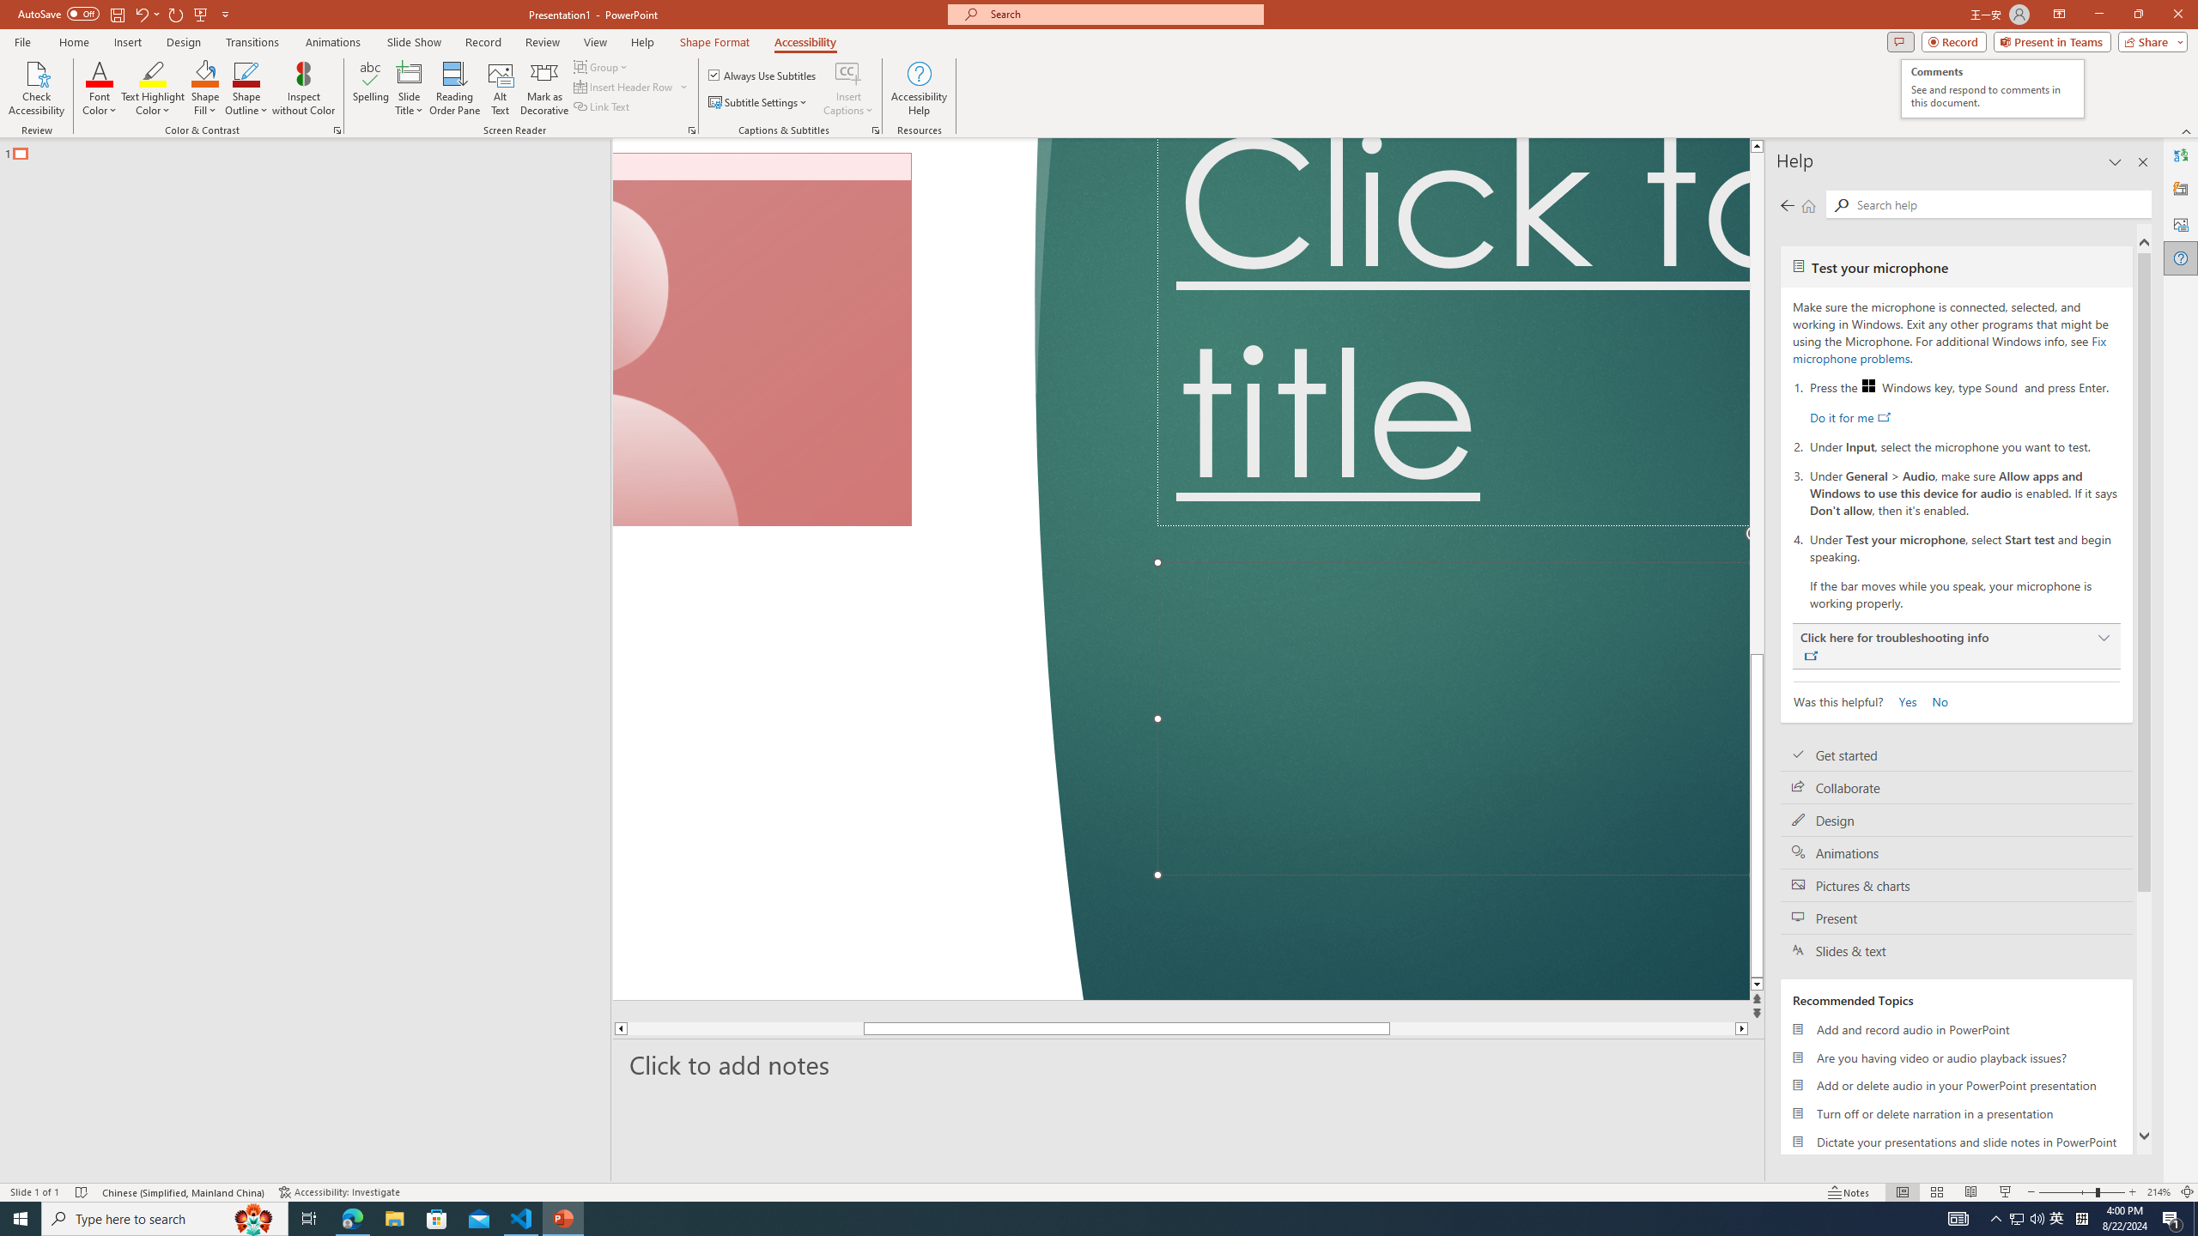 The height and width of the screenshot is (1236, 2198). What do you see at coordinates (2180, 223) in the screenshot?
I see `'Alt Text'` at bounding box center [2180, 223].